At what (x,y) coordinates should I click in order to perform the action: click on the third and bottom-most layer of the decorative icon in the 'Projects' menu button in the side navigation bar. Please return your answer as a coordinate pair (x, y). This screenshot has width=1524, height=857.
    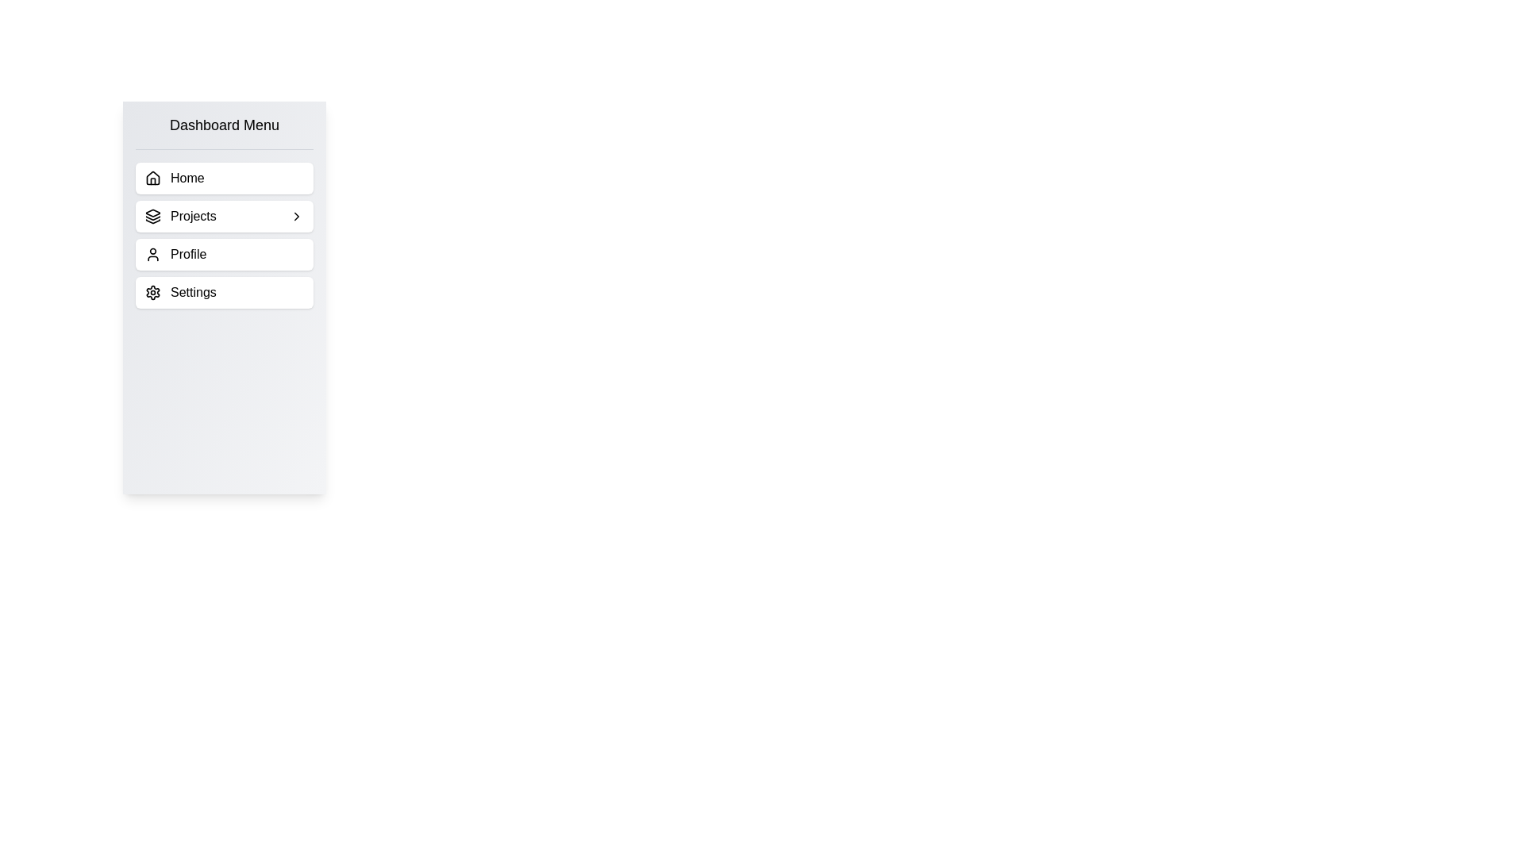
    Looking at the image, I should click on (152, 221).